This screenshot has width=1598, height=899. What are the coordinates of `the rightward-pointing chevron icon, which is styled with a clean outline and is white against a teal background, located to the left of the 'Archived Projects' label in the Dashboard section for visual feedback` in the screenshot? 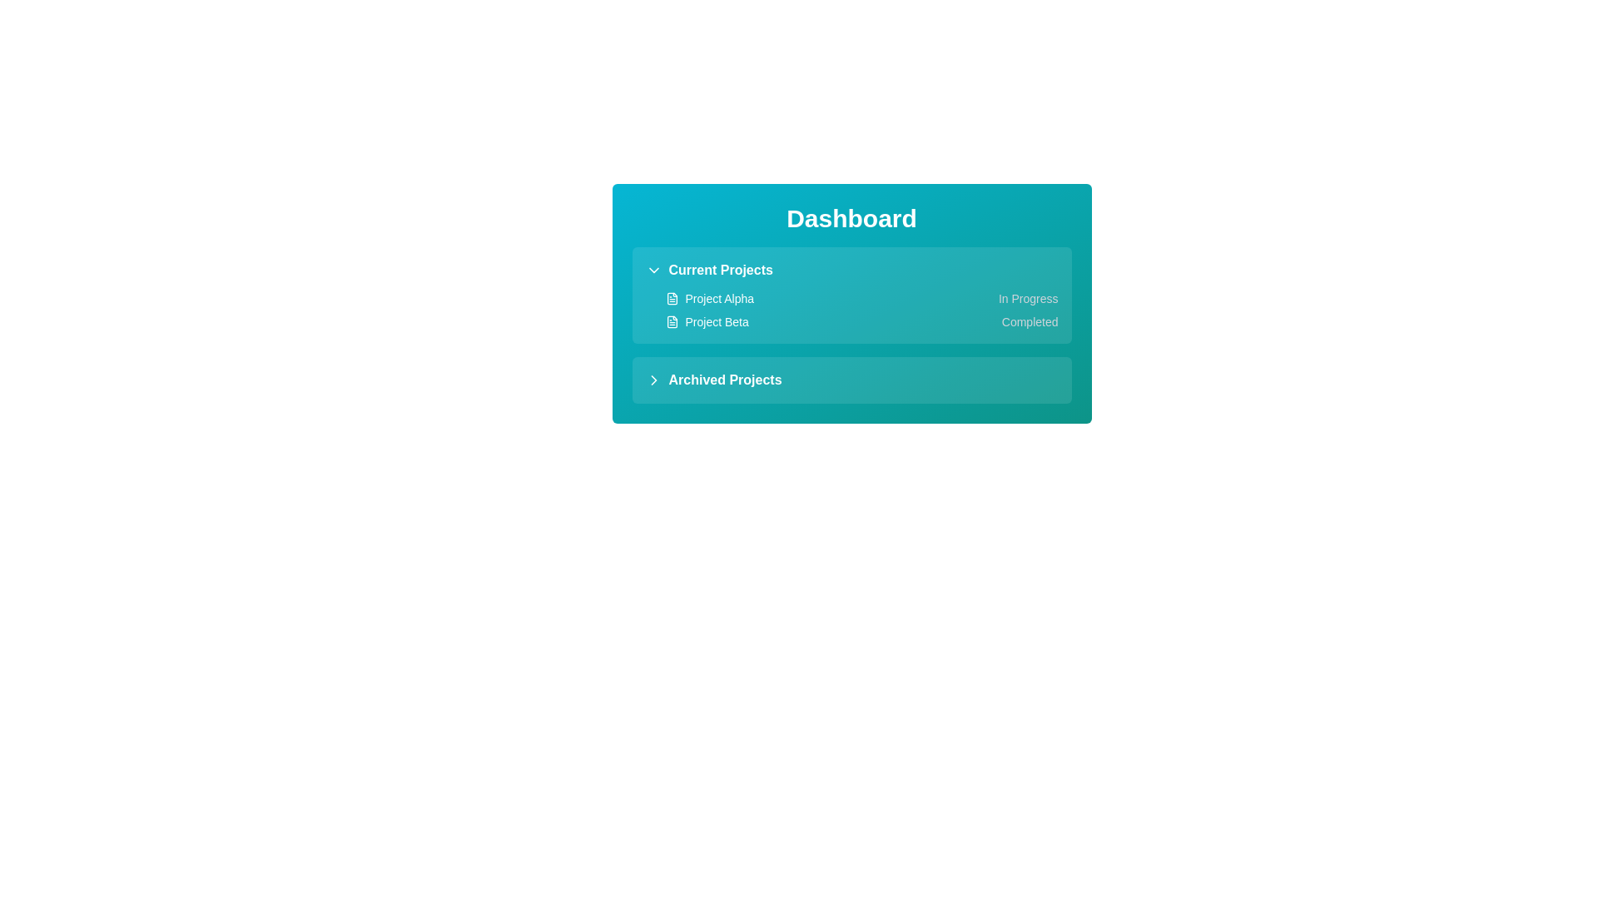 It's located at (653, 380).